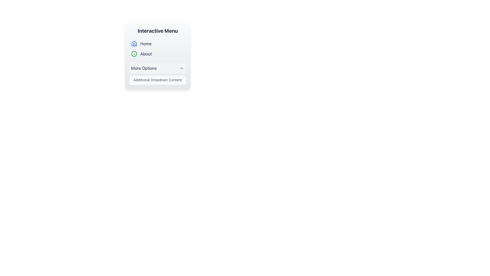 The width and height of the screenshot is (490, 276). I want to click on the 'Home' icon located at the top left corner of the menu panel, which visually represents the 'Home' option next to the text 'Home', so click(134, 43).